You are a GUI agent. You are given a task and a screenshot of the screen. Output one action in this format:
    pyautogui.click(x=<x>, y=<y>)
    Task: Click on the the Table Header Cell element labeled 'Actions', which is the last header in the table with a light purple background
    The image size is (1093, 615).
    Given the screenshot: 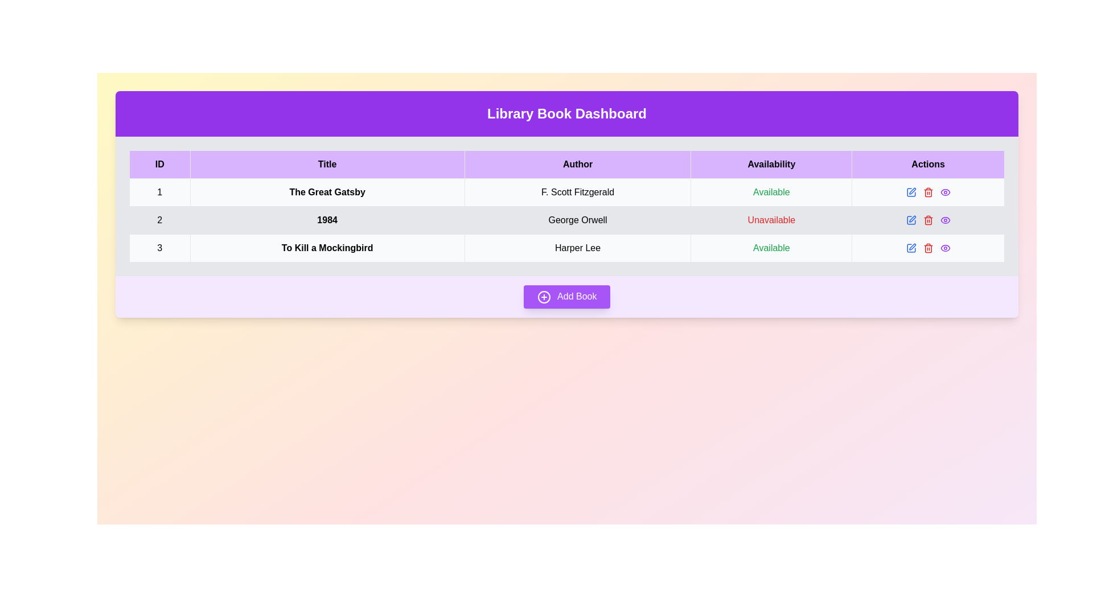 What is the action you would take?
    pyautogui.click(x=928, y=165)
    